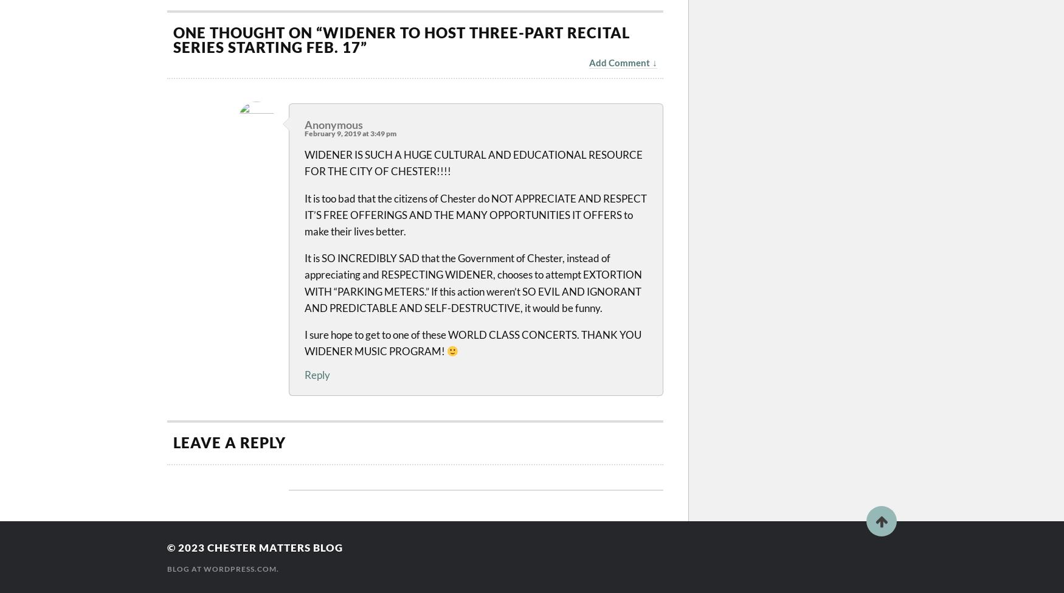 The width and height of the screenshot is (1064, 593). I want to click on 'Add Comment', so click(619, 61).